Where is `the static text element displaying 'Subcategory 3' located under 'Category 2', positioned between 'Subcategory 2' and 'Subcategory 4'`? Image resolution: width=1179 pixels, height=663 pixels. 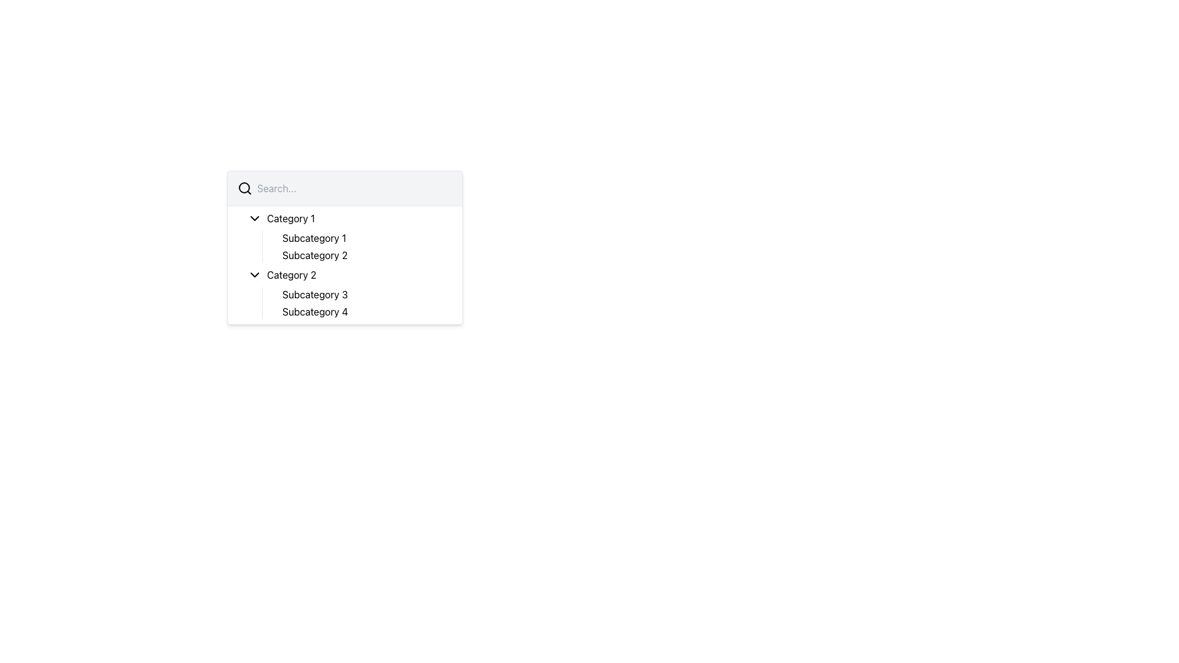
the static text element displaying 'Subcategory 3' located under 'Category 2', positioned between 'Subcategory 2' and 'Subcategory 4' is located at coordinates (315, 294).